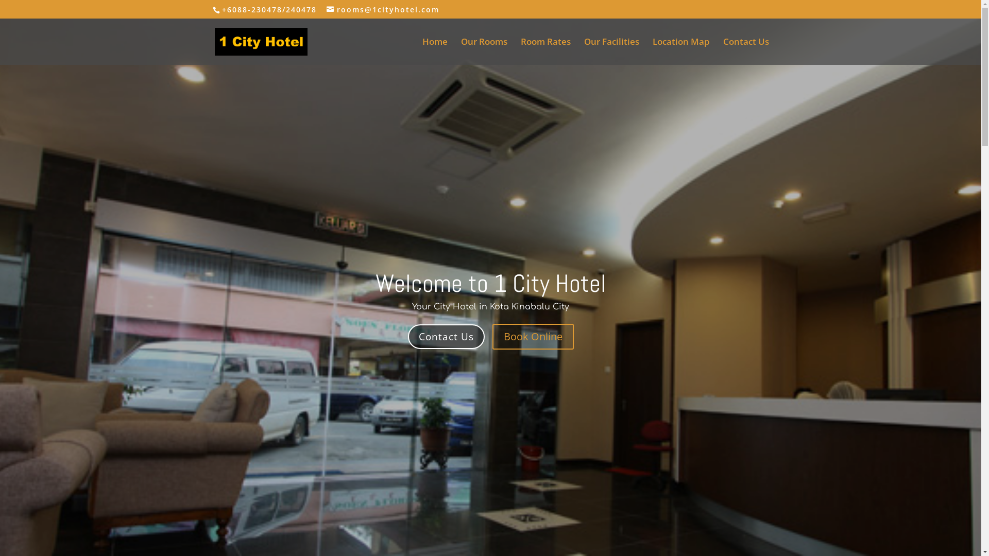  Describe the element at coordinates (680, 51) in the screenshot. I see `'Location Map'` at that location.